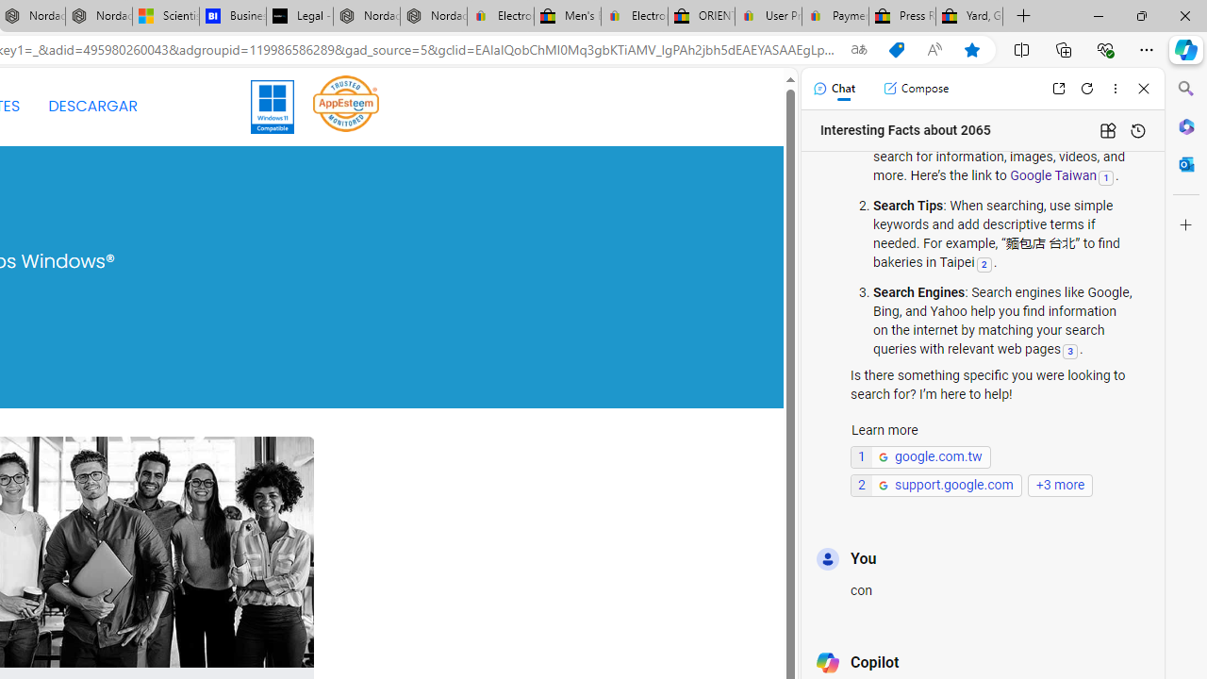  What do you see at coordinates (1185, 163) in the screenshot?
I see `'Outlook'` at bounding box center [1185, 163].